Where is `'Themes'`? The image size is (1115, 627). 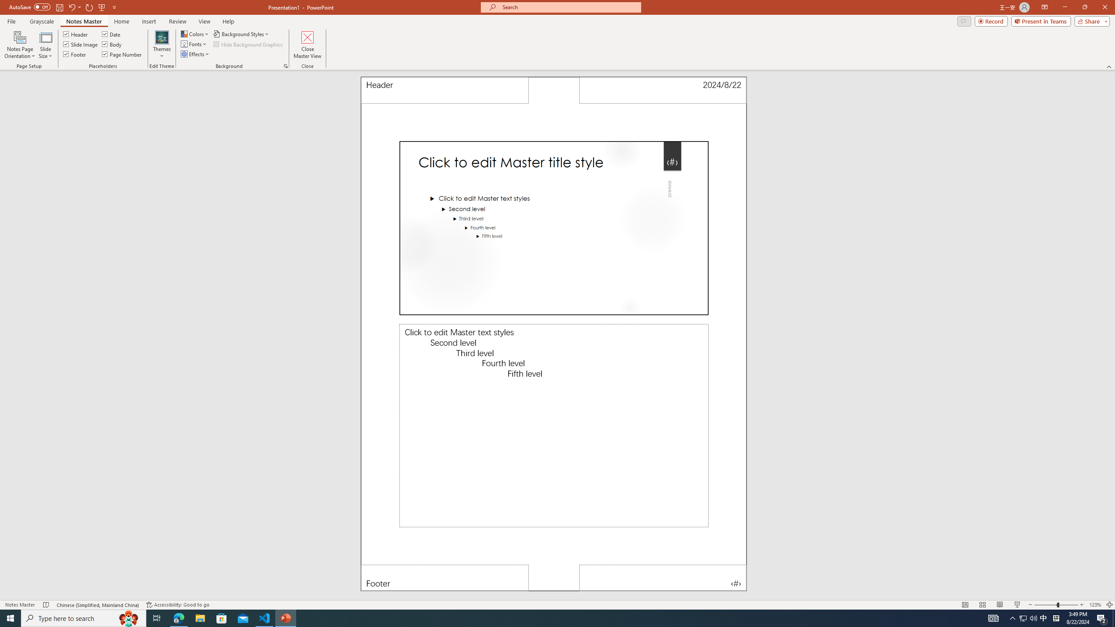 'Themes' is located at coordinates (161, 45).